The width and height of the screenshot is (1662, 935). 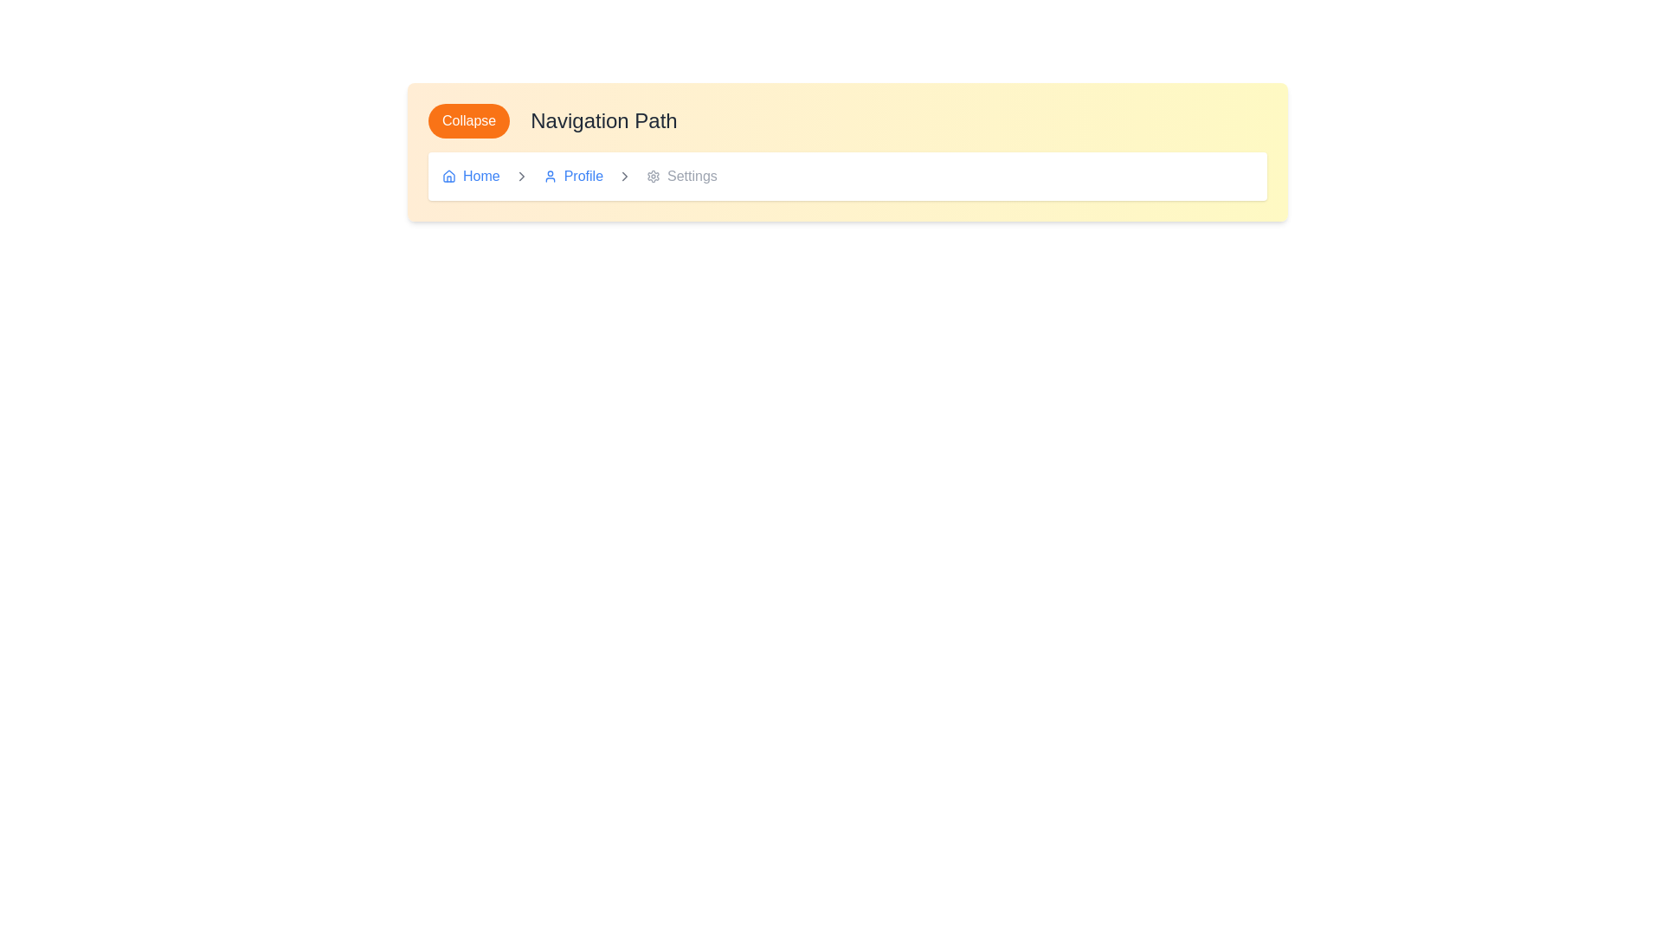 What do you see at coordinates (520, 177) in the screenshot?
I see `the right-facing chevron arrow that serves as a separator in the breadcrumb navigation between 'Profile' and 'Settings'` at bounding box center [520, 177].